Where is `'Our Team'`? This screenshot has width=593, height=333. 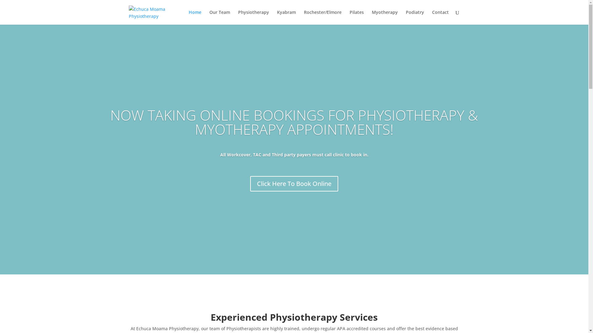 'Our Team' is located at coordinates (220, 17).